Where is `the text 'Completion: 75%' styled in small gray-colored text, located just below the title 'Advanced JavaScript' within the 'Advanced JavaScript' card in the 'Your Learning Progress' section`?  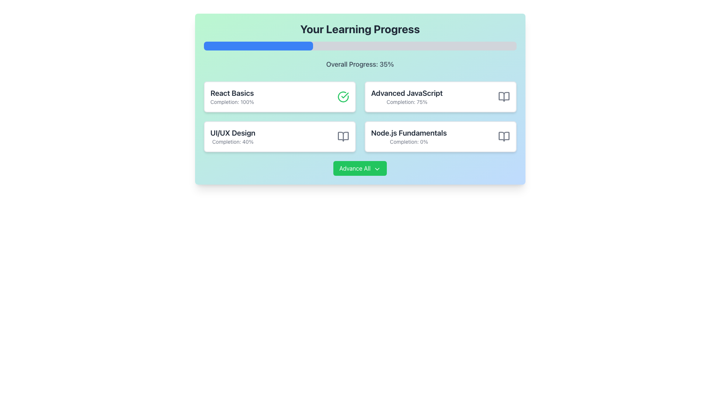
the text 'Completion: 75%' styled in small gray-colored text, located just below the title 'Advanced JavaScript' within the 'Advanced JavaScript' card in the 'Your Learning Progress' section is located at coordinates (406, 102).